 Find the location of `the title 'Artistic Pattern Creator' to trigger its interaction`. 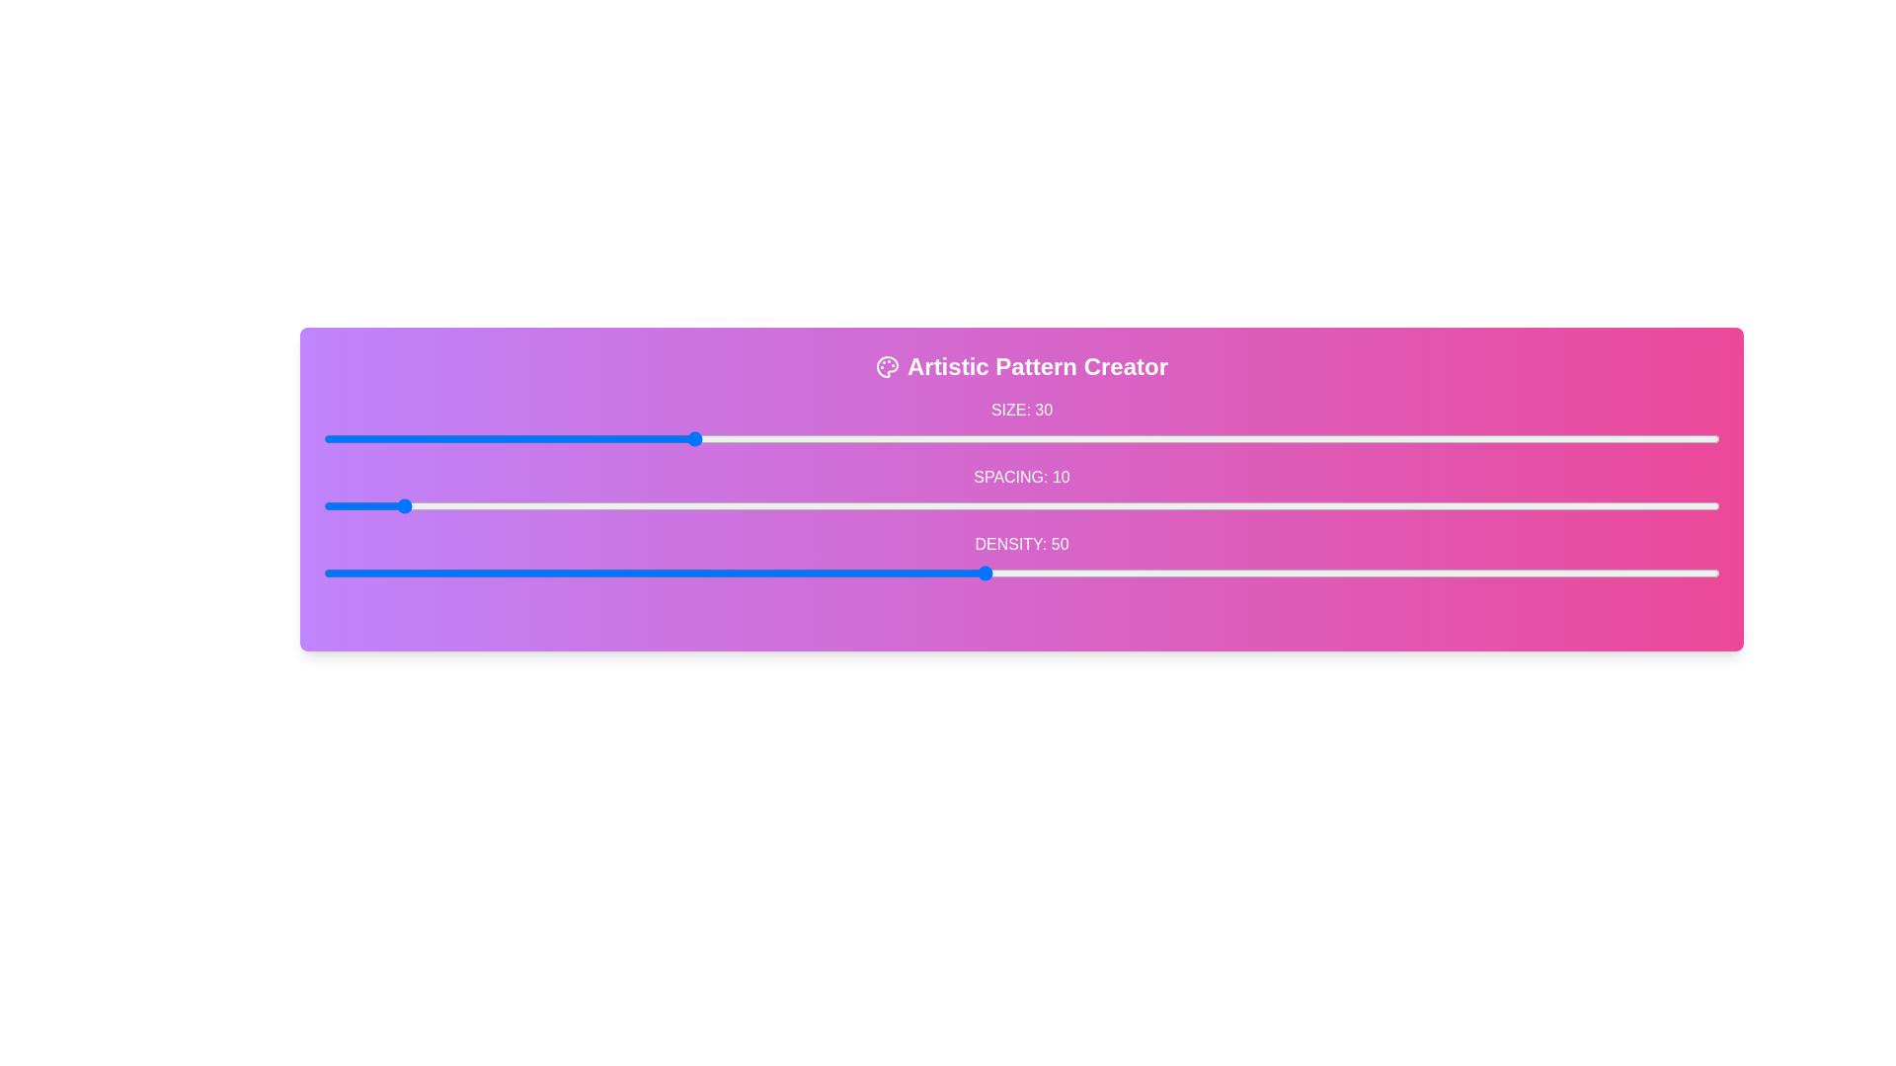

the title 'Artistic Pattern Creator' to trigger its interaction is located at coordinates (1022, 366).